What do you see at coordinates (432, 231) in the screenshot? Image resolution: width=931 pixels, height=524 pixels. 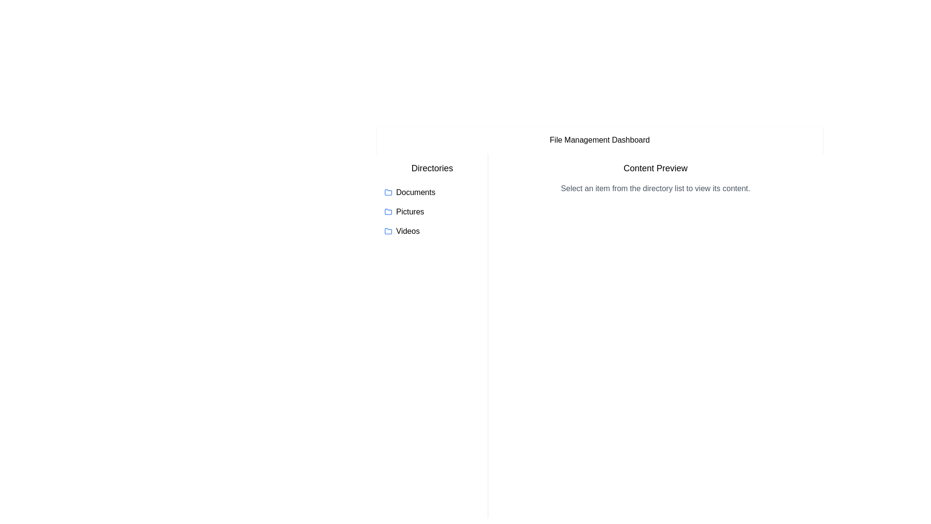 I see `the 'Videos' folder, which is the third item in a vertical list of folder entries` at bounding box center [432, 231].